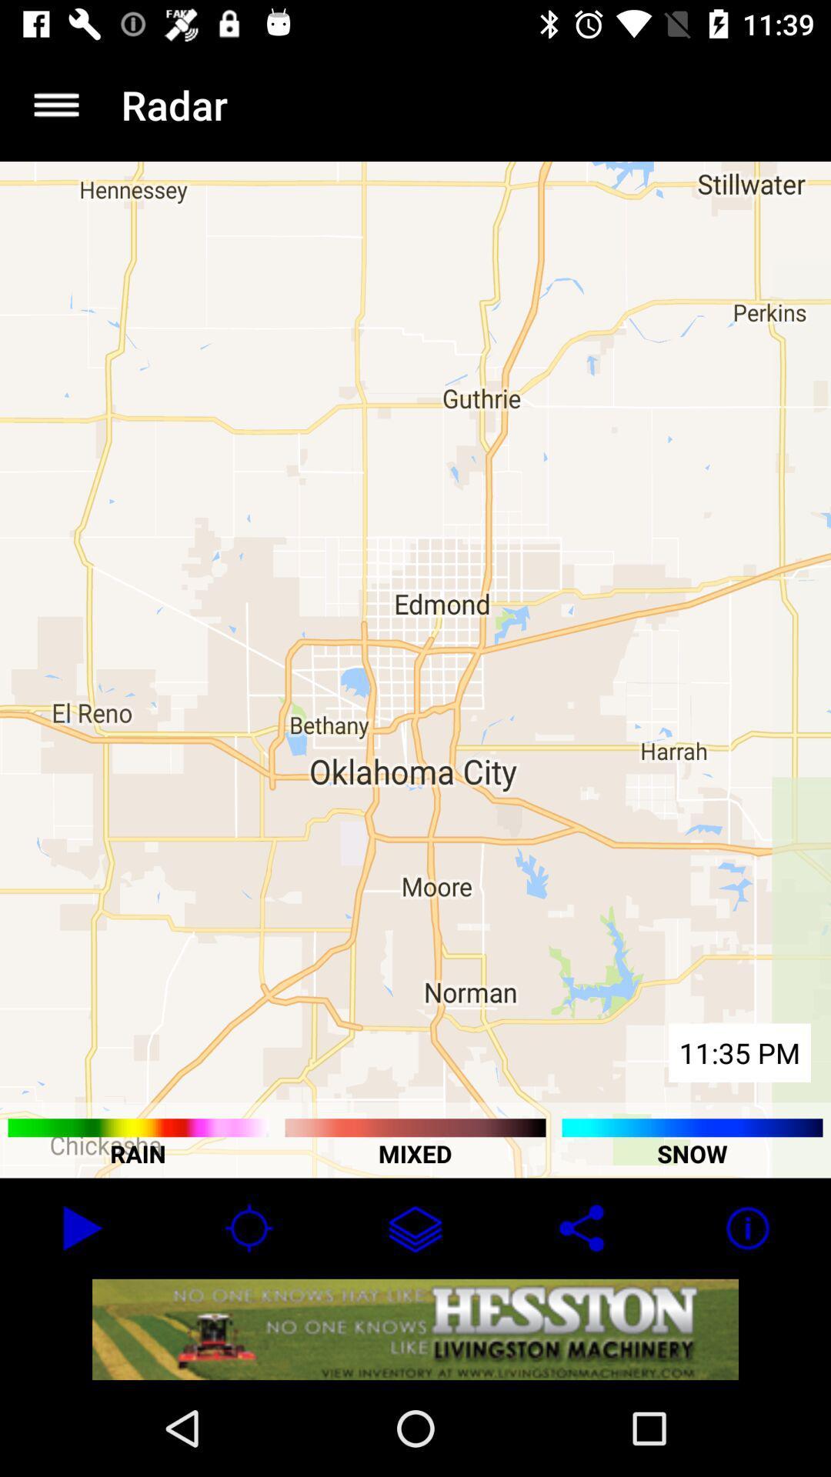  I want to click on open advertisement, so click(415, 1329).